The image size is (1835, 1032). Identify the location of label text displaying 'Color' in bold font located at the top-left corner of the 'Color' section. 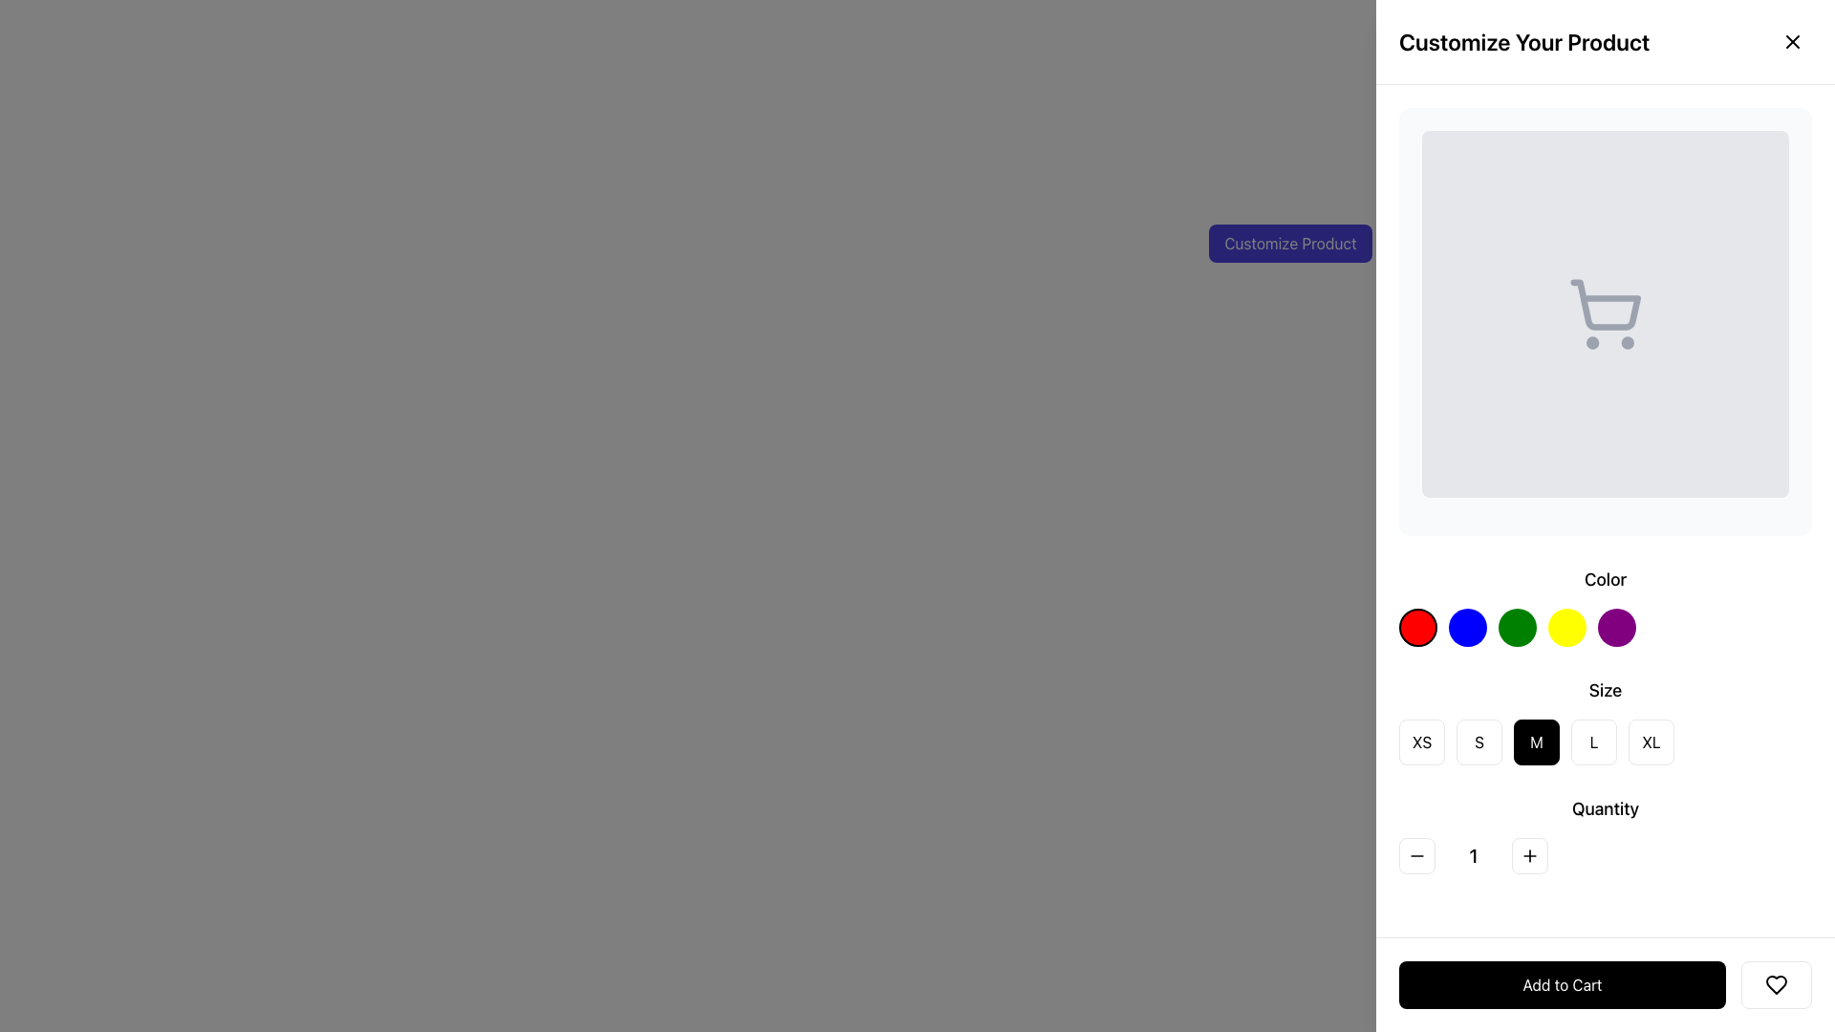
(1606, 578).